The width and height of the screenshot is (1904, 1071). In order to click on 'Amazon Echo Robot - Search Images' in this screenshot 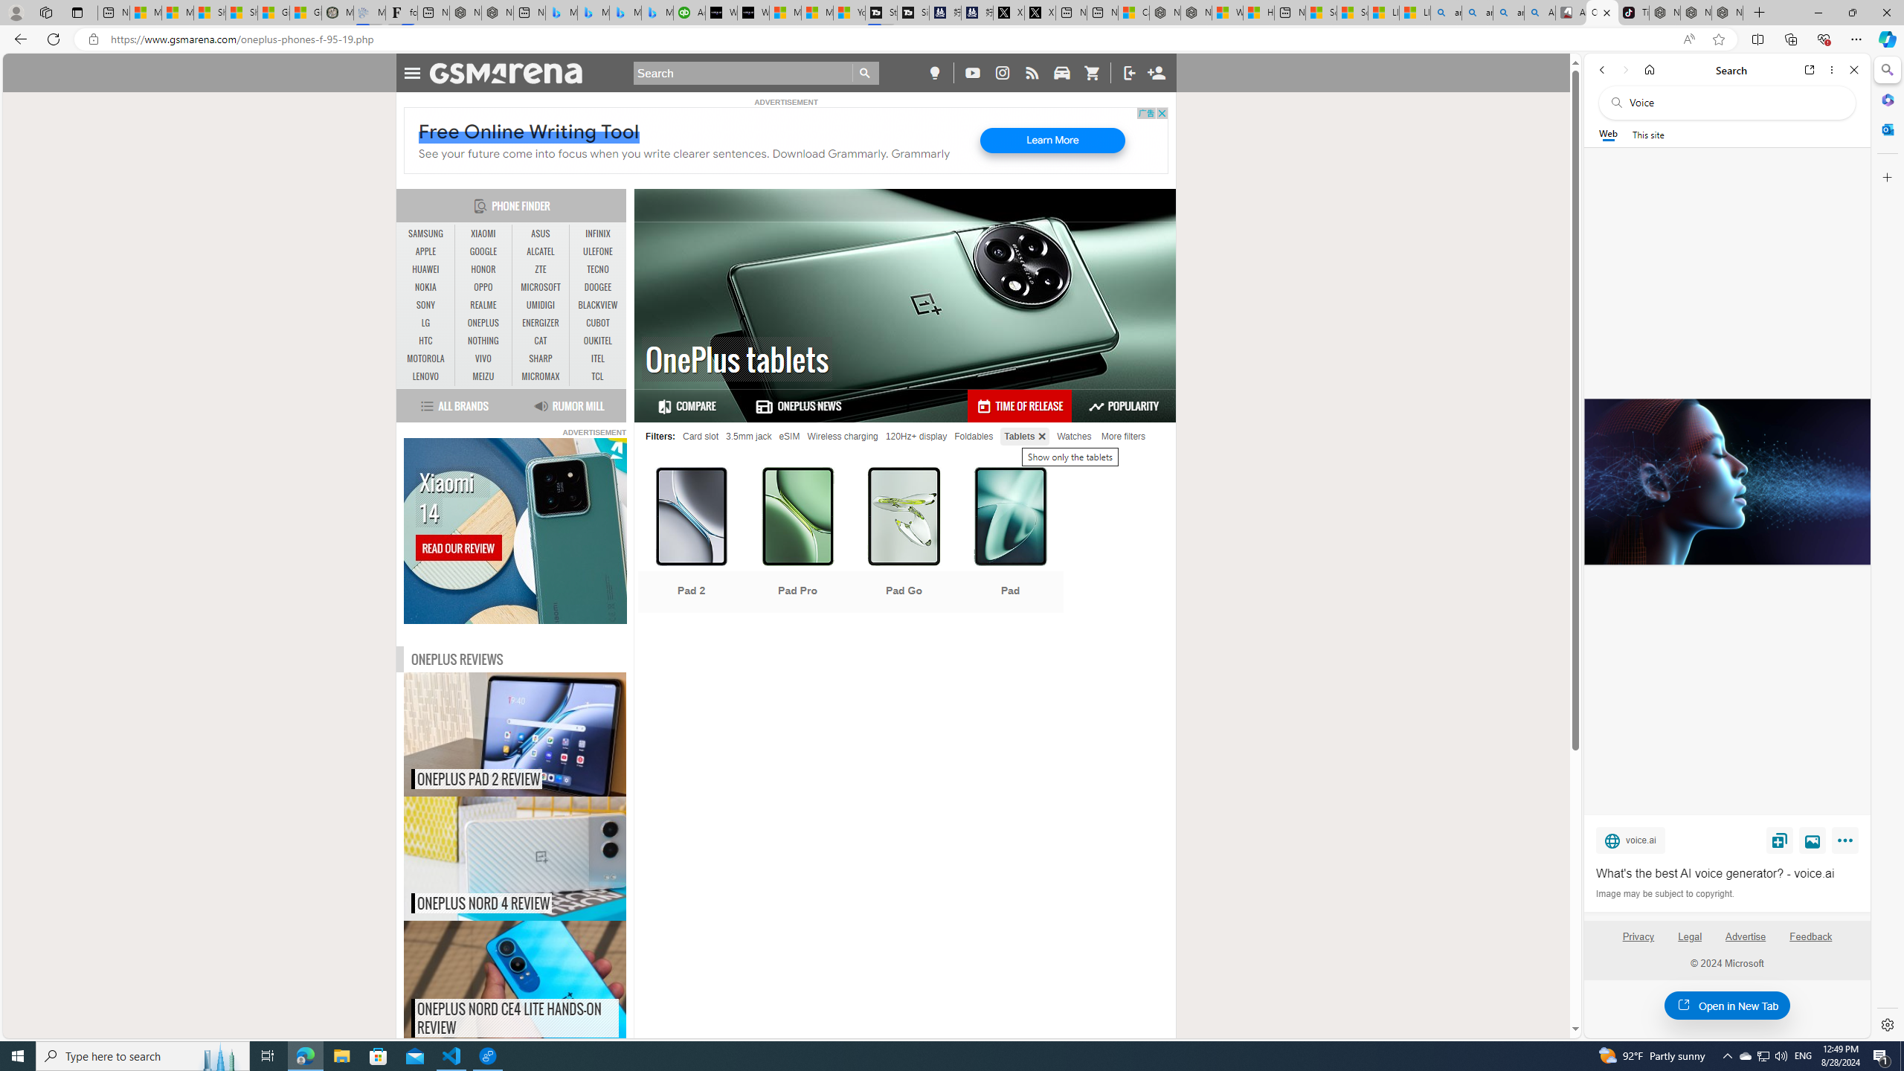, I will do `click(1538, 12)`.